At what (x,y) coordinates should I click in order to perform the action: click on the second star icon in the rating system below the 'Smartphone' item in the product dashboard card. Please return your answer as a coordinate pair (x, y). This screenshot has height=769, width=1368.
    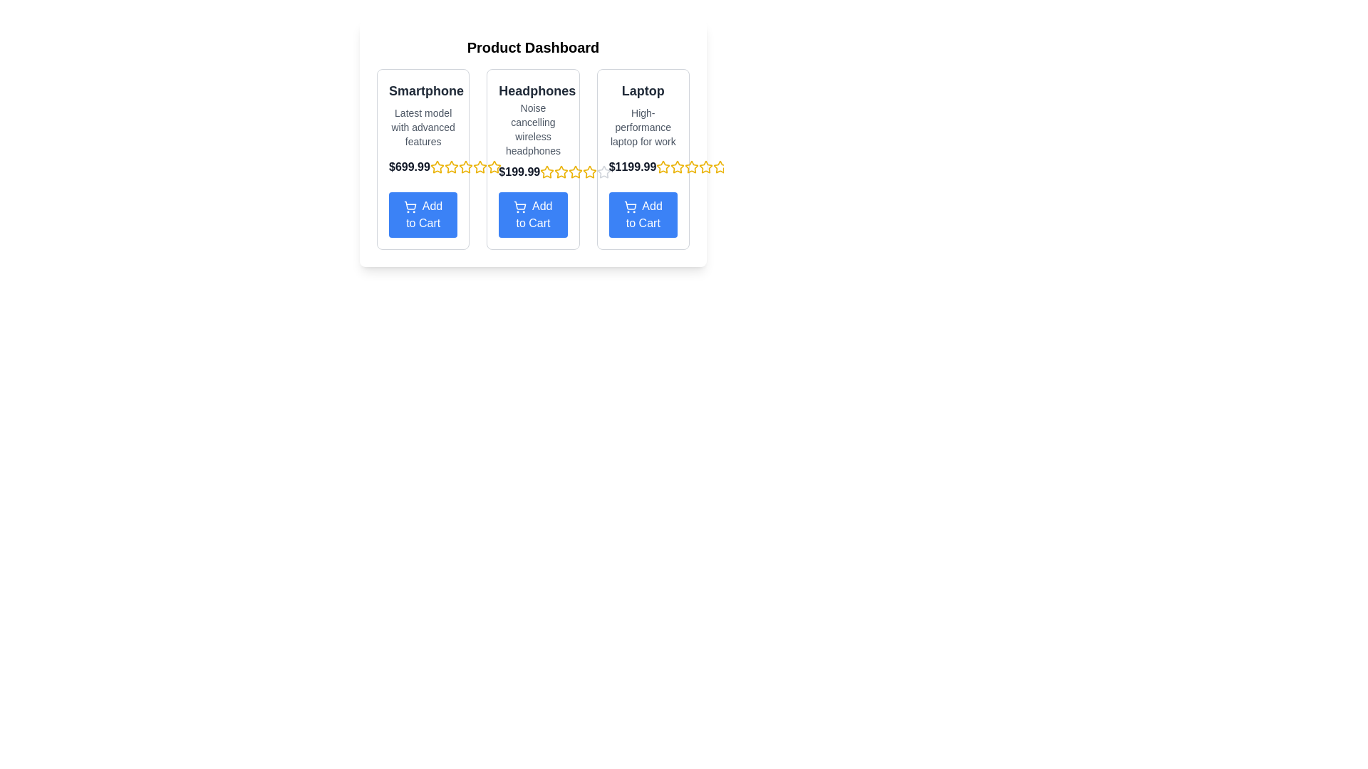
    Looking at the image, I should click on (450, 166).